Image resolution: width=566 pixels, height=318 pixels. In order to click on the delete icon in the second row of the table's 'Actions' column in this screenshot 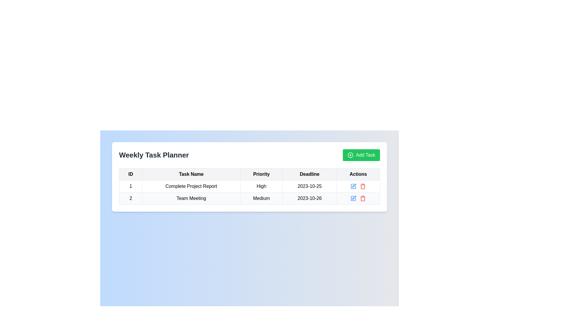, I will do `click(363, 198)`.